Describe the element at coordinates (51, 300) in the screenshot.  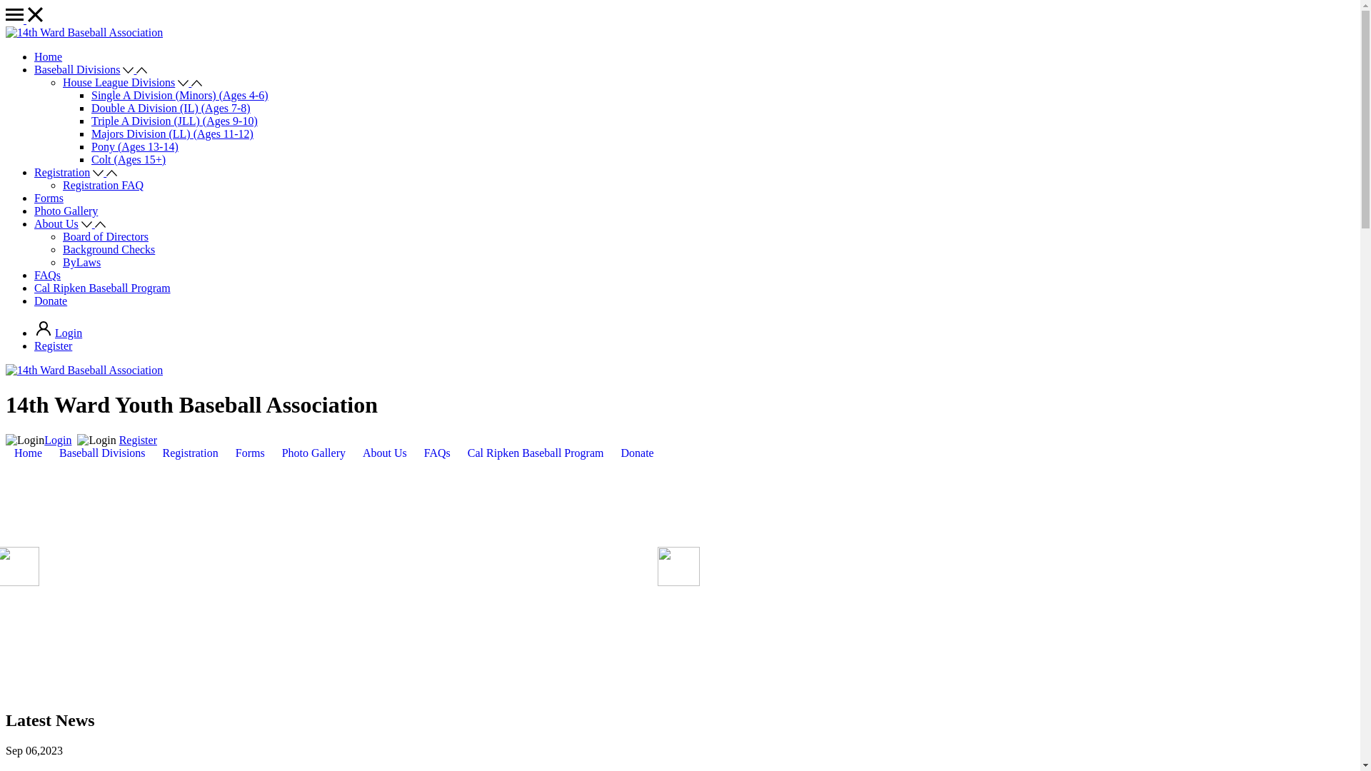
I see `'Donate'` at that location.